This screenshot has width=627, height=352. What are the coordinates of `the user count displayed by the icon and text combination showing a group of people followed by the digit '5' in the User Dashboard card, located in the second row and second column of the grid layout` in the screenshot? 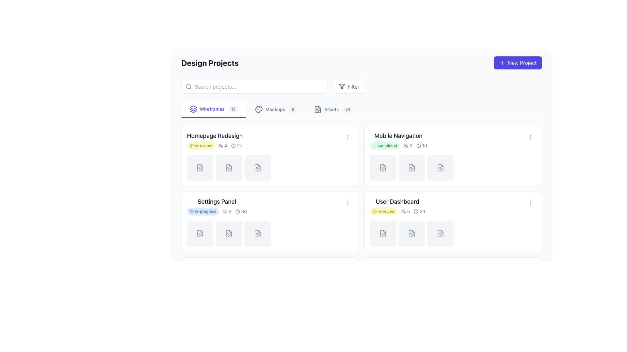 It's located at (405, 211).